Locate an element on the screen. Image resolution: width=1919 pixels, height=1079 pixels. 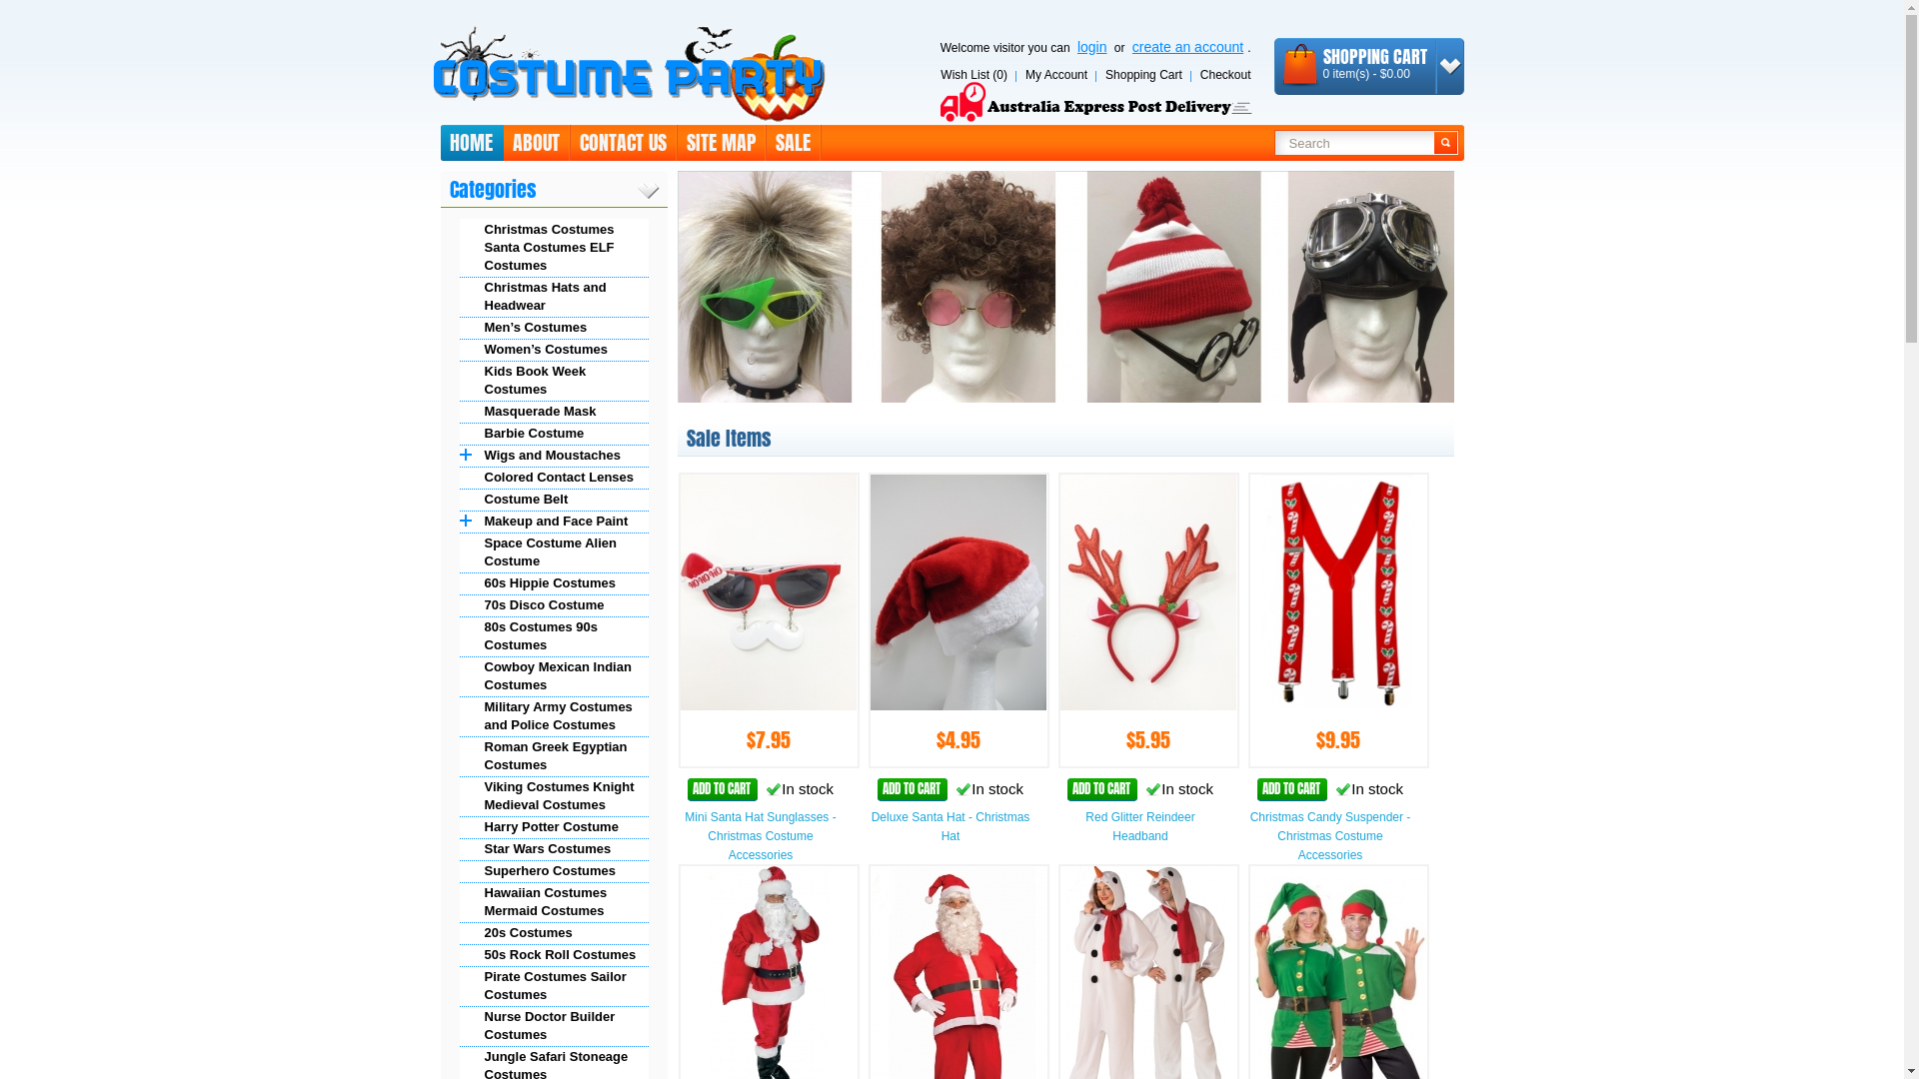
'Star Wars Costumes' is located at coordinates (554, 848).